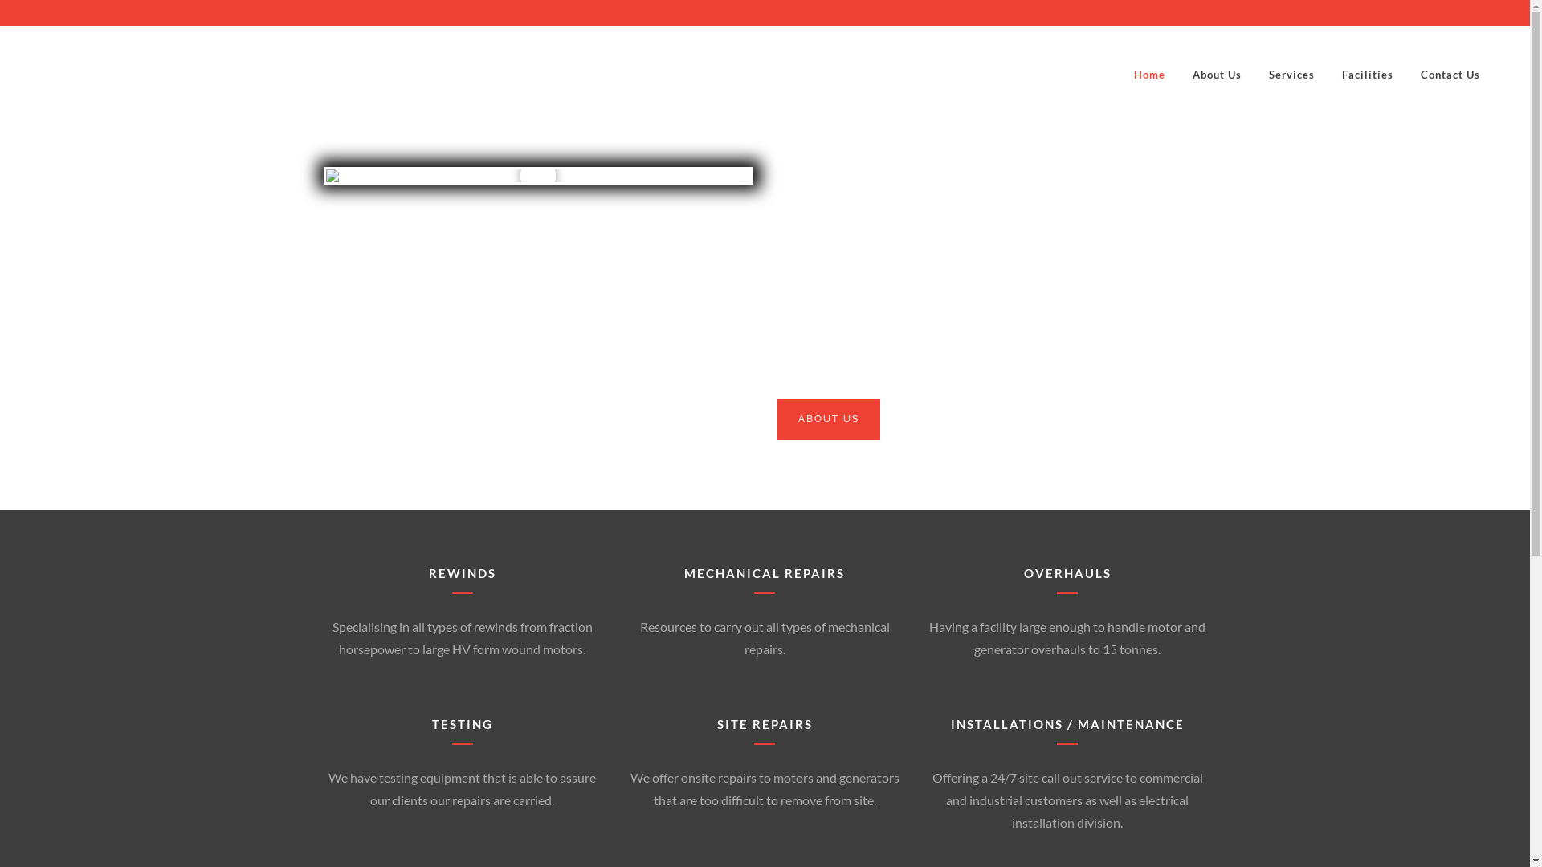 The height and width of the screenshot is (867, 1542). What do you see at coordinates (1217, 74) in the screenshot?
I see `'About Us'` at bounding box center [1217, 74].